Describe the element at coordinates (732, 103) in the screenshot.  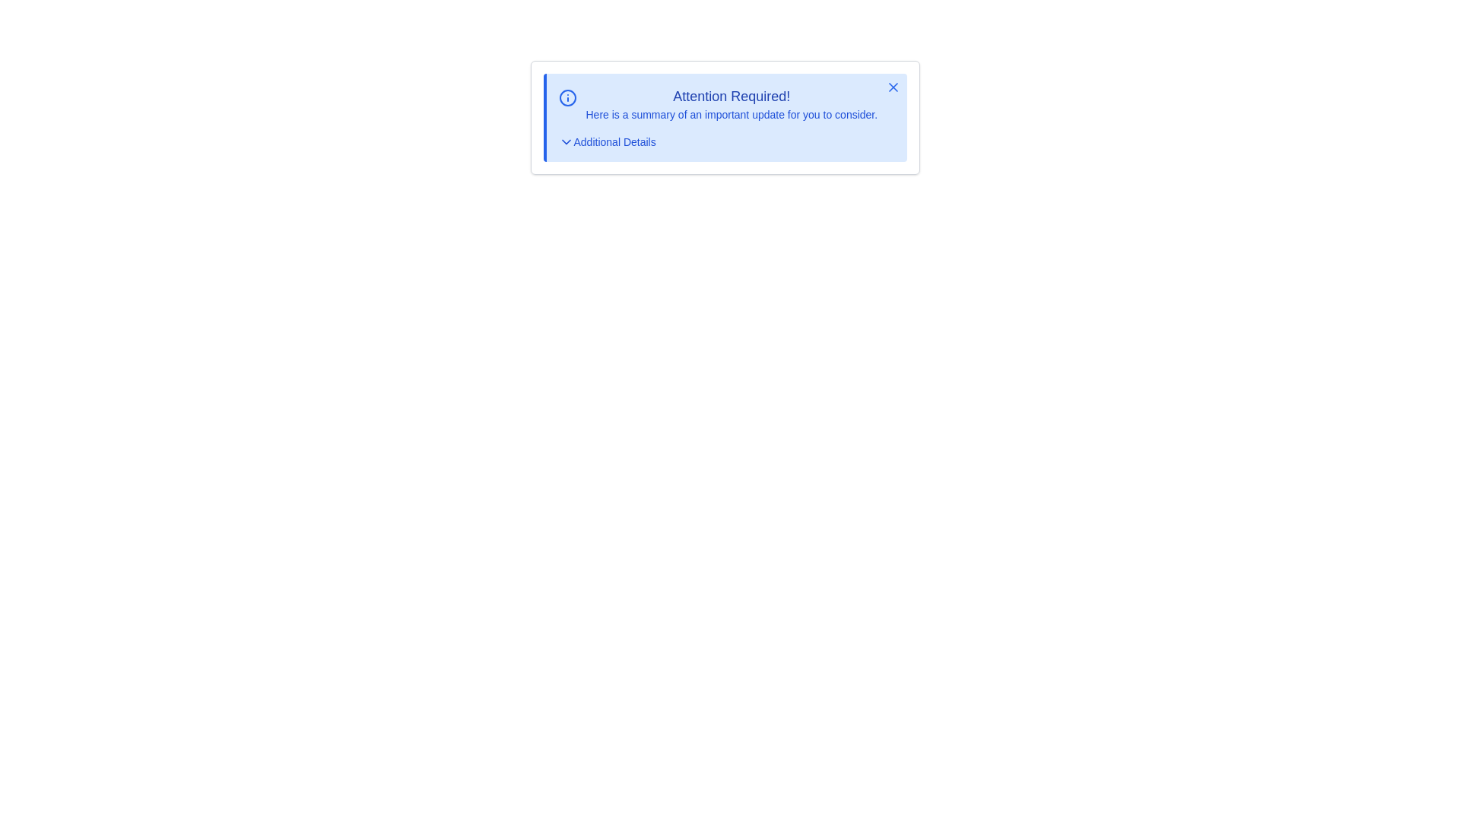
I see `important notification text block located in the upper part of the notification box, adjacent to the blue information icon` at that location.